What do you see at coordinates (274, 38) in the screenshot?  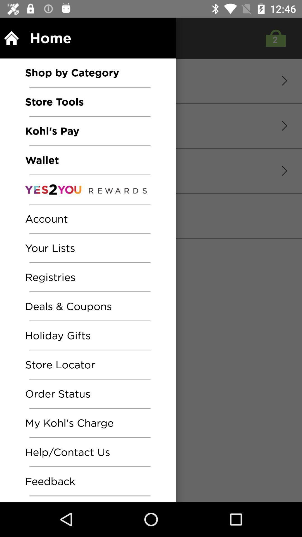 I see `the button at top of the page` at bounding box center [274, 38].